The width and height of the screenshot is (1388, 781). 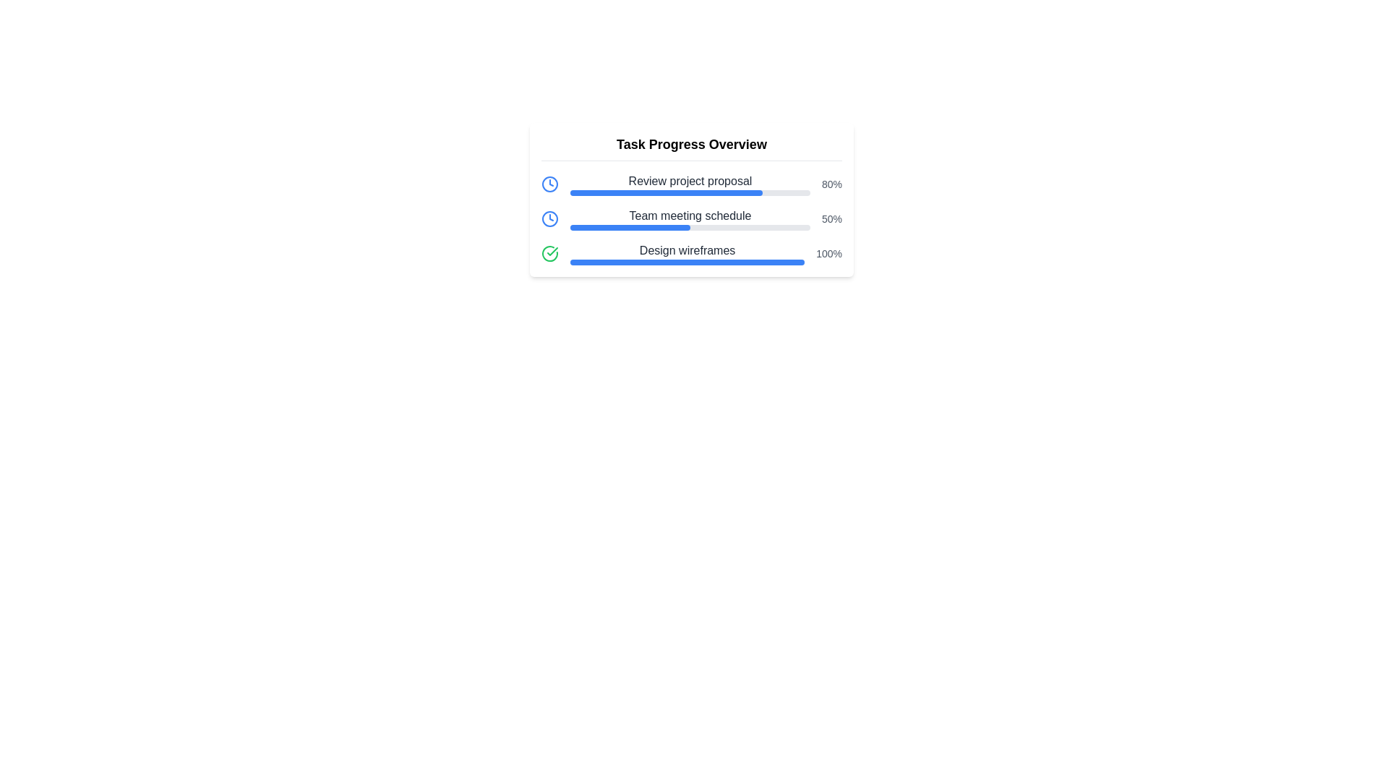 I want to click on the blue progress bar representing 50% completion, which is the second in a list of three progress bars and is associated with the text 'Team meeting schedule', so click(x=630, y=228).